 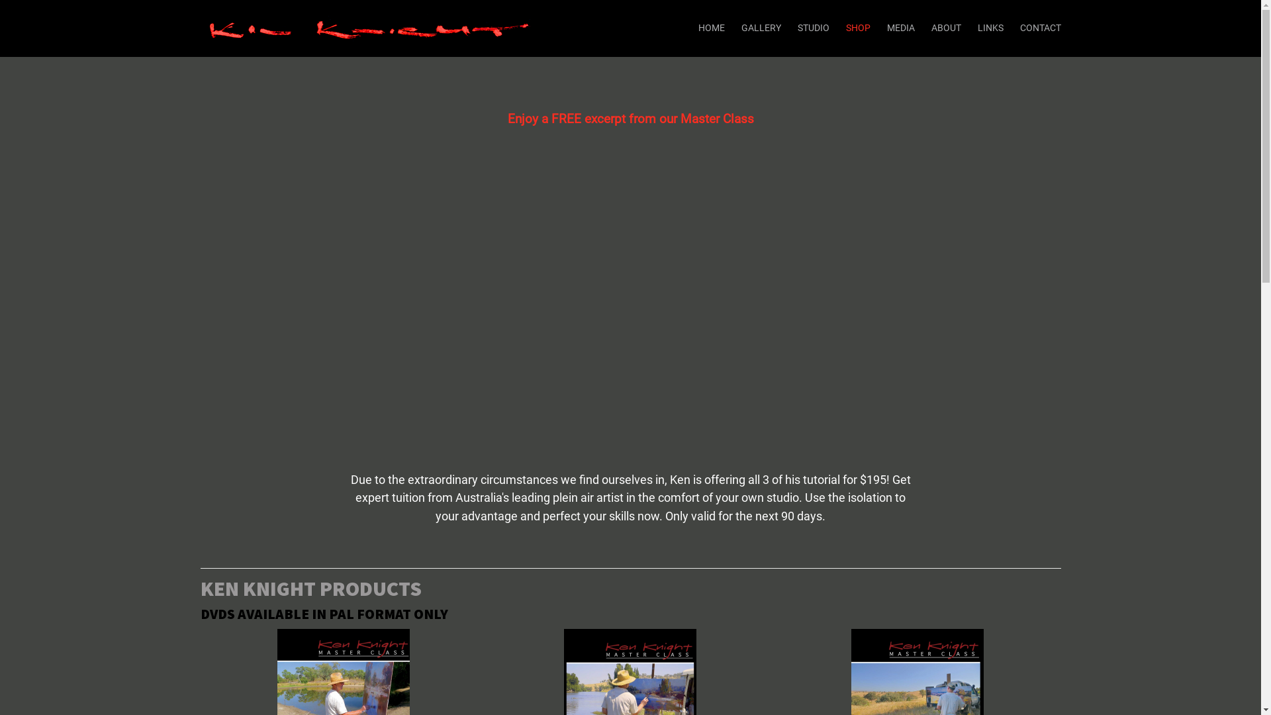 I want to click on 'GALLERY', so click(x=740, y=28).